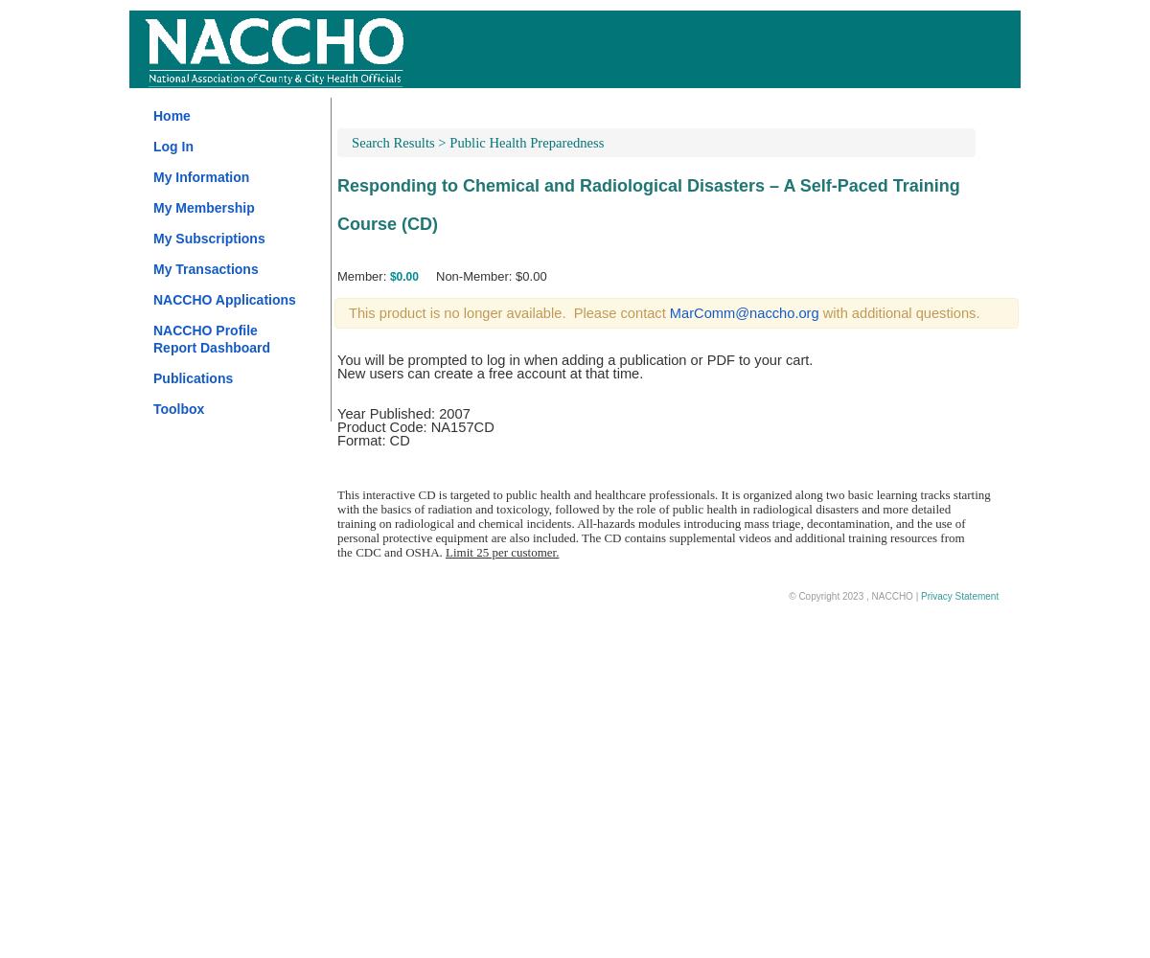 The height and width of the screenshot is (958, 1150). What do you see at coordinates (743, 312) in the screenshot?
I see `'MarComm@naccho.org'` at bounding box center [743, 312].